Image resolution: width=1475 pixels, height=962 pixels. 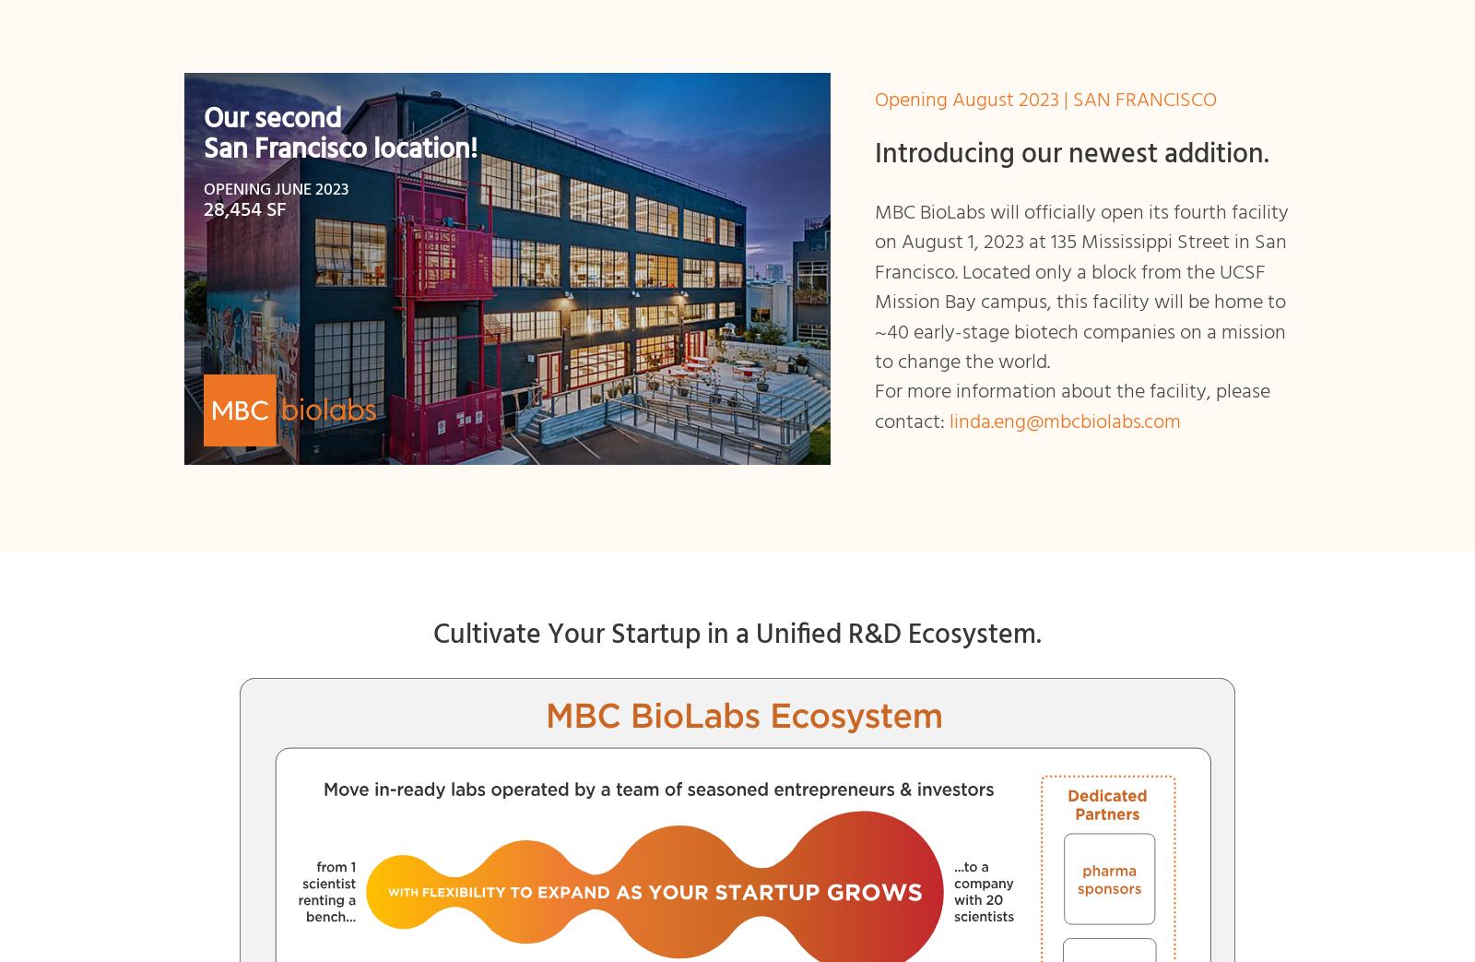 What do you see at coordinates (1064, 418) in the screenshot?
I see `'linda.eng@mbcbiolabs.com'` at bounding box center [1064, 418].